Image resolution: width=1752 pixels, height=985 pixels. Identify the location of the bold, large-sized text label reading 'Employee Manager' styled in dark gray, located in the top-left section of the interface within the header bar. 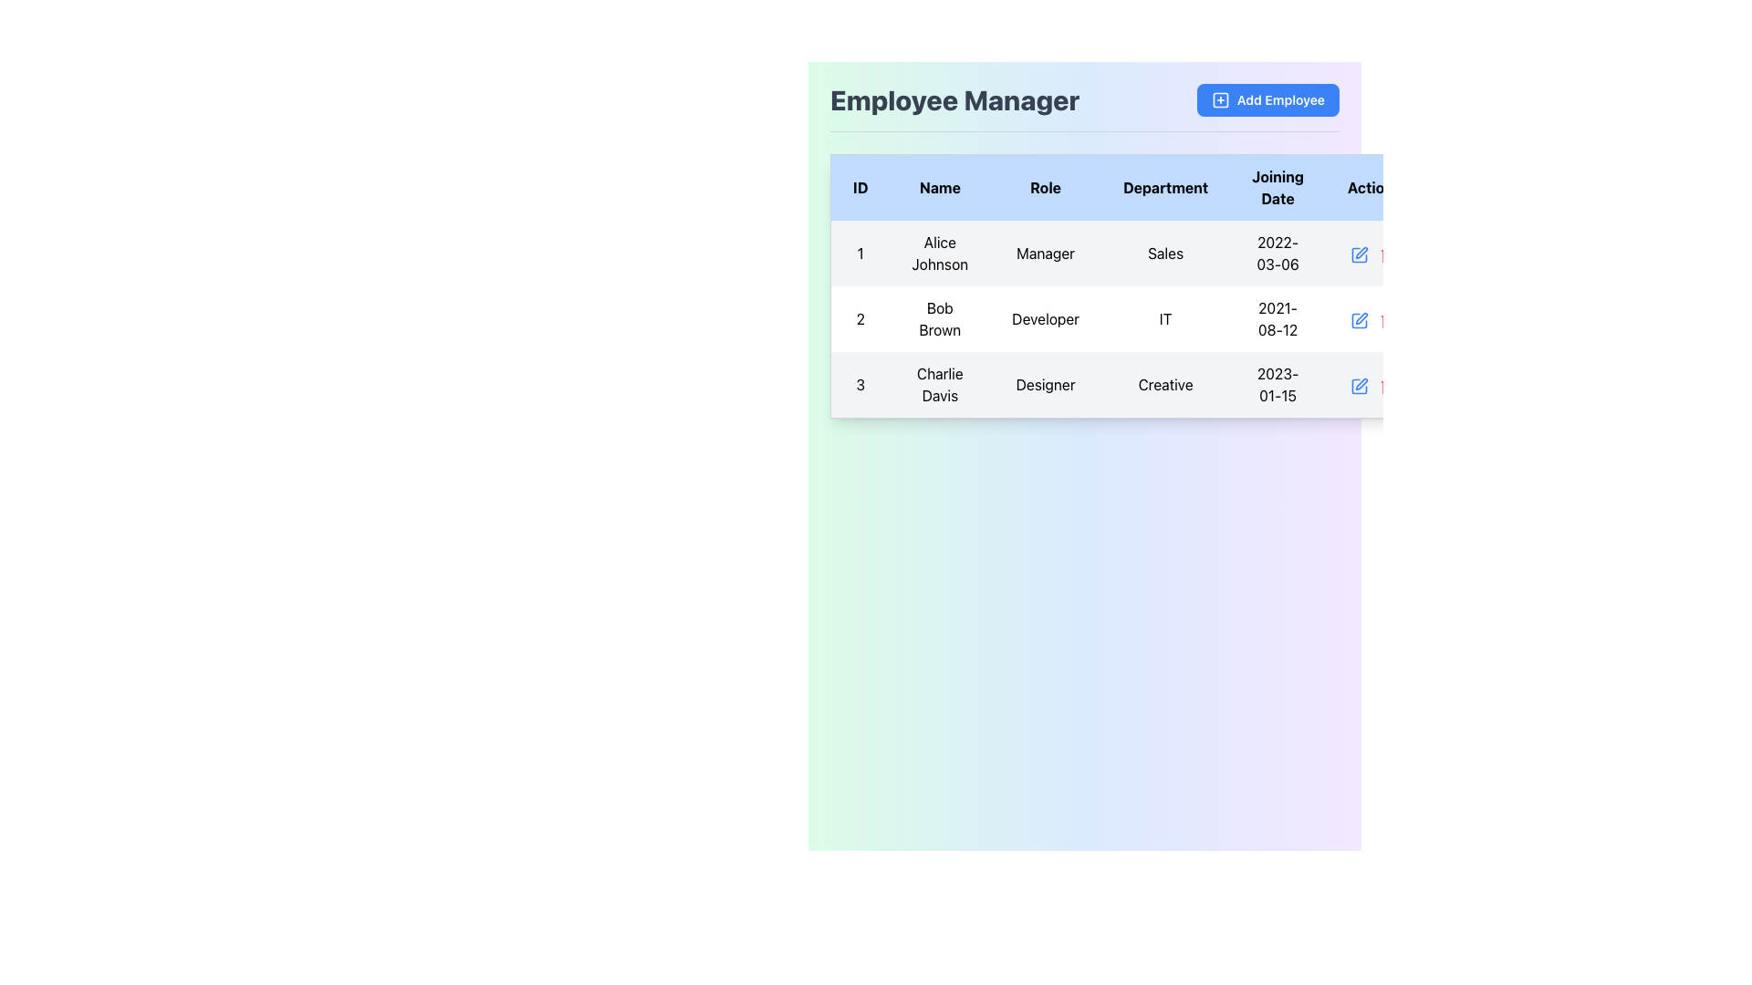
(954, 100).